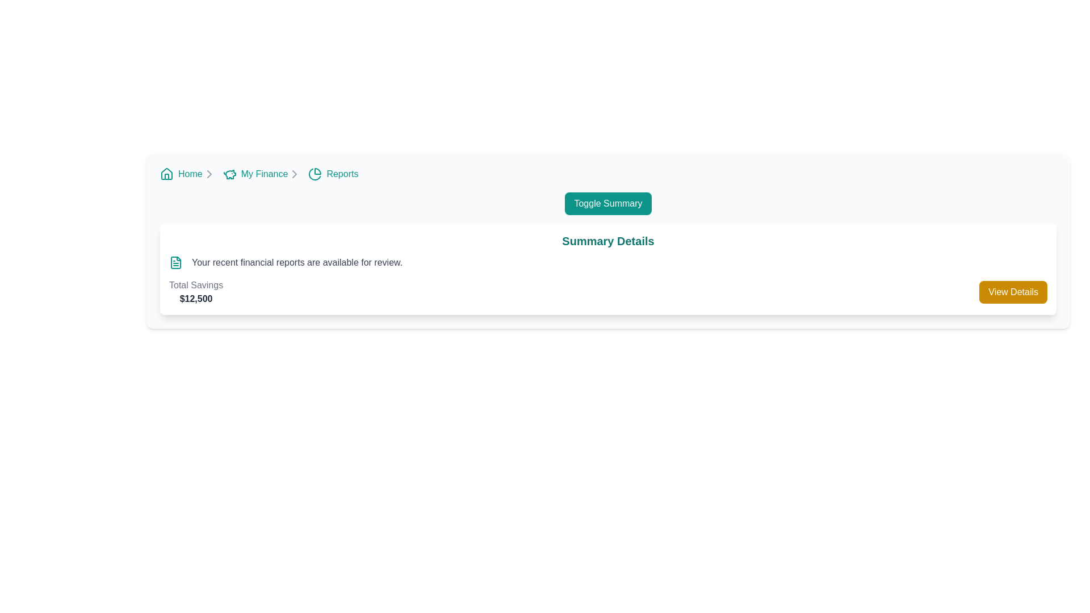  I want to click on the 'Reports' breadcrumb link using keyboard navigation, so click(333, 174).